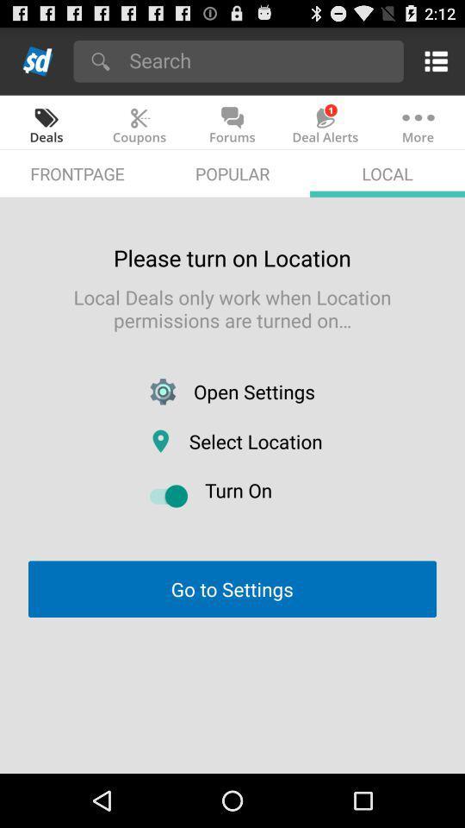 The width and height of the screenshot is (465, 828). I want to click on the go to settings app, so click(232, 589).